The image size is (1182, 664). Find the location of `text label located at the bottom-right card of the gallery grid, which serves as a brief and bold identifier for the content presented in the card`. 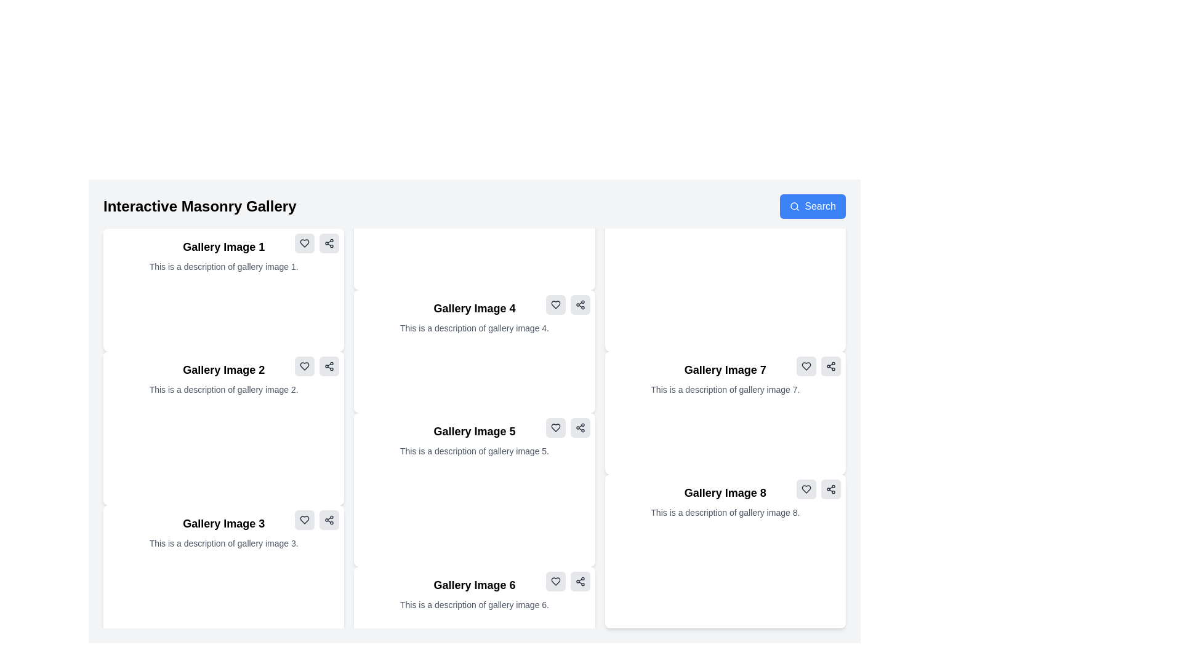

text label located at the bottom-right card of the gallery grid, which serves as a brief and bold identifier for the content presented in the card is located at coordinates (725, 492).